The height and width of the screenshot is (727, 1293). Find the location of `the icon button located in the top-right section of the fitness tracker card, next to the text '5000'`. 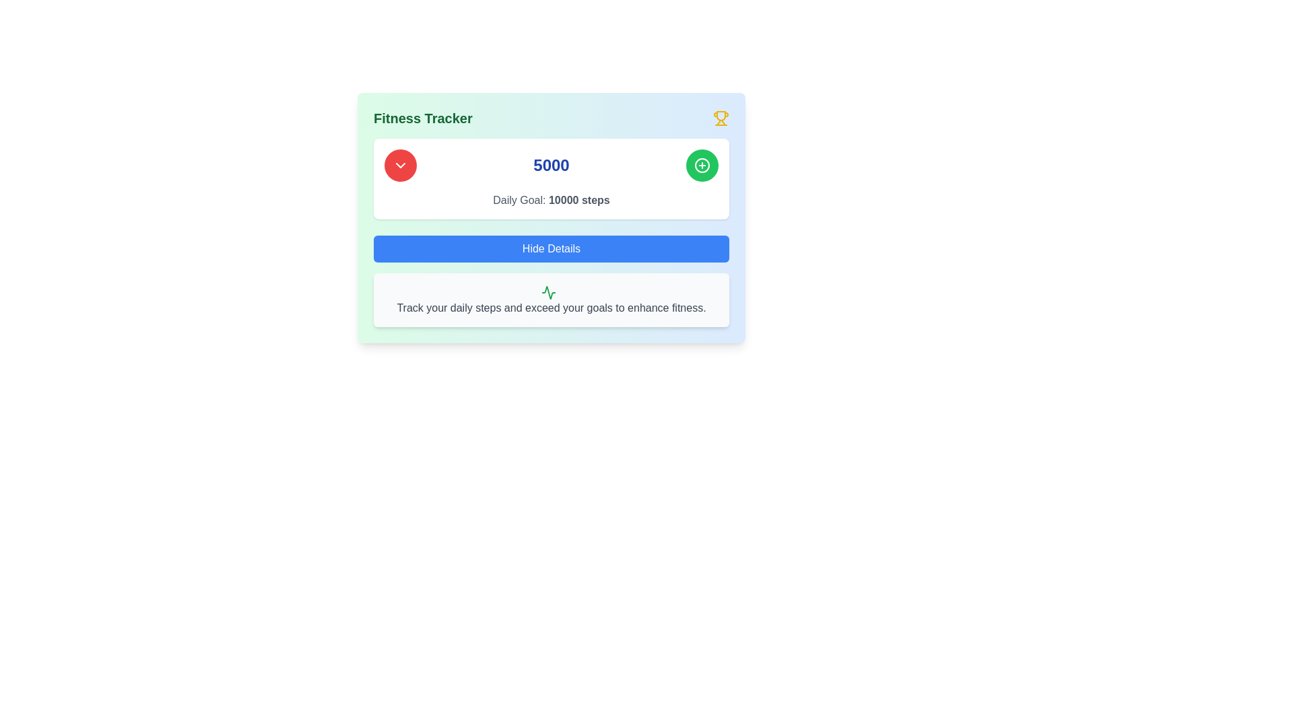

the icon button located in the top-right section of the fitness tracker card, next to the text '5000' is located at coordinates (701, 165).